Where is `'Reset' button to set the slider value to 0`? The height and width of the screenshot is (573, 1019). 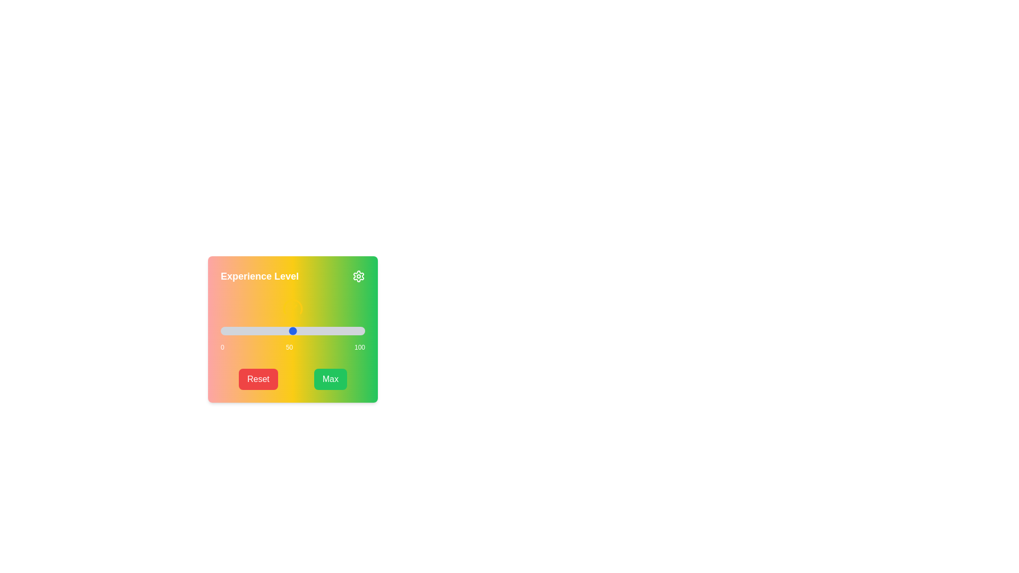
'Reset' button to set the slider value to 0 is located at coordinates (258, 378).